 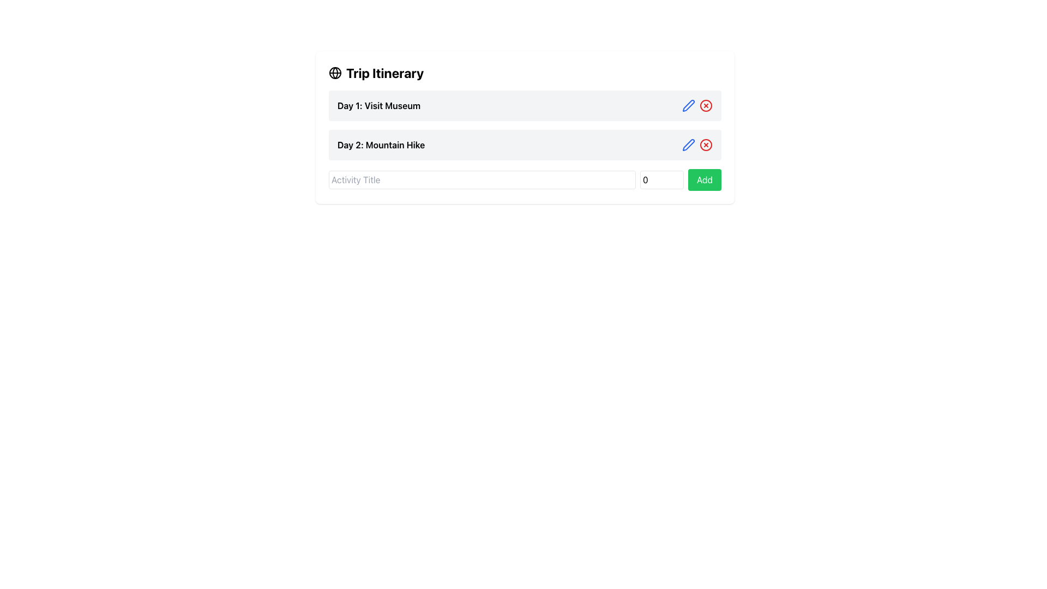 What do you see at coordinates (706, 145) in the screenshot?
I see `the delete button that removes the entry for 'Day 2: Mountain Hike' from the itinerary` at bounding box center [706, 145].